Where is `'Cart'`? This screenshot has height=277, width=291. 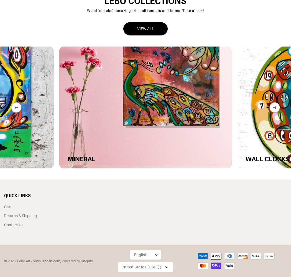
'Cart' is located at coordinates (8, 206).